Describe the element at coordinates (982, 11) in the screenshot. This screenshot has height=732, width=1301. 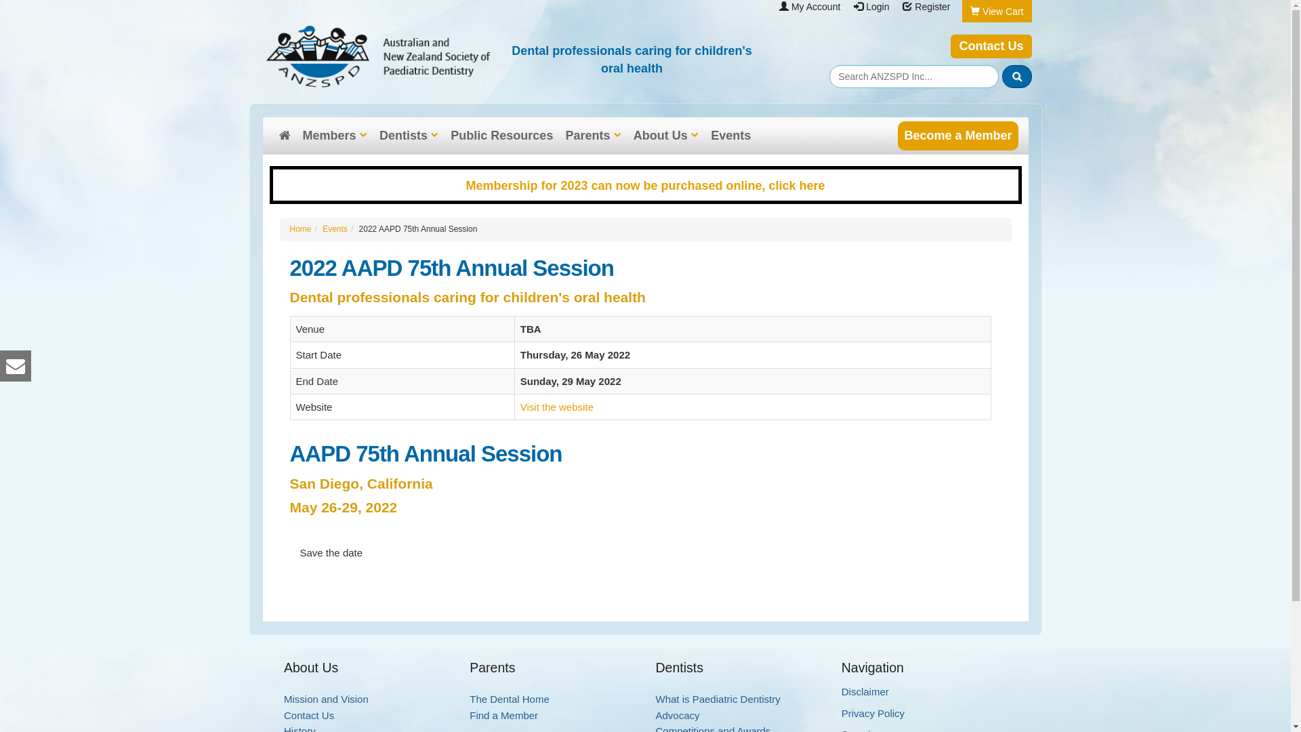
I see `'View Cart'` at that location.